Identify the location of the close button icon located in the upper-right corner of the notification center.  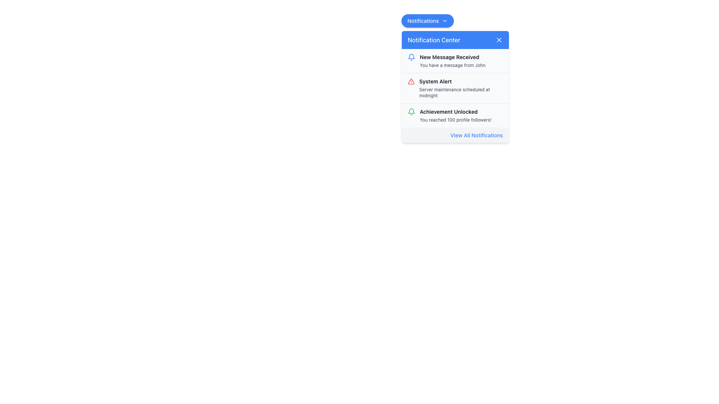
(499, 40).